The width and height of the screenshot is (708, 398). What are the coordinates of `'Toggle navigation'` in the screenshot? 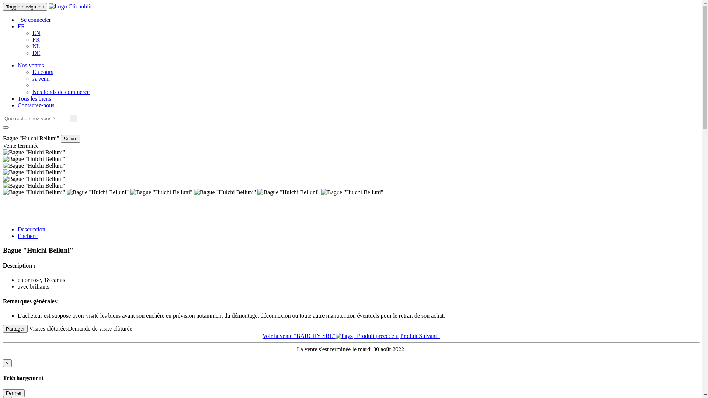 It's located at (25, 7).